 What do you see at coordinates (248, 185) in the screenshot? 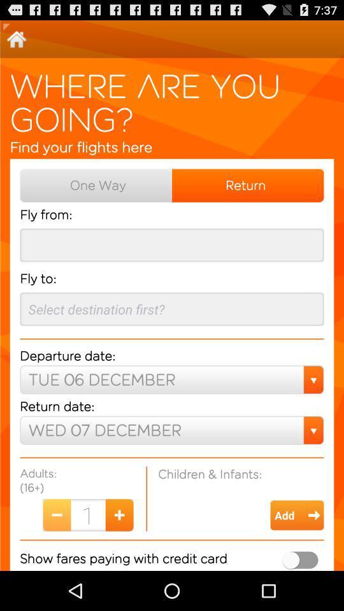
I see `return which is next to one way` at bounding box center [248, 185].